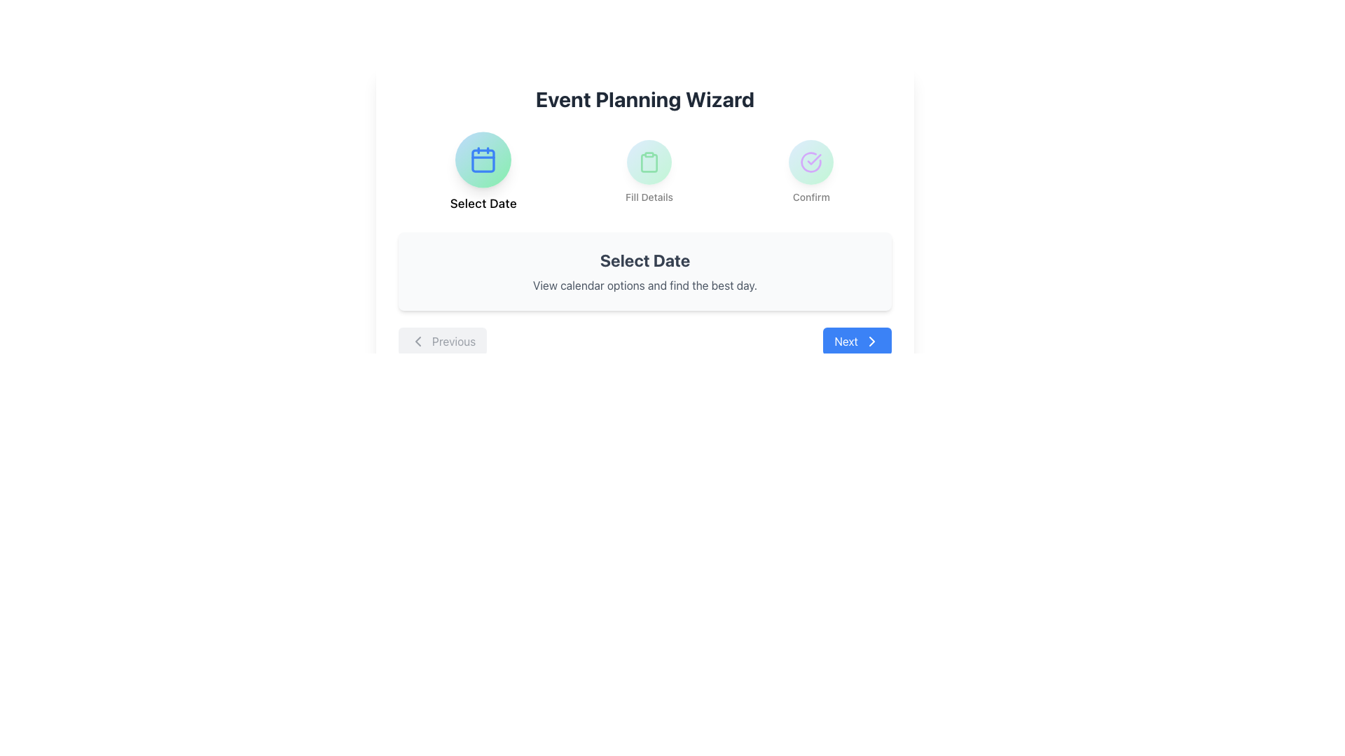  Describe the element at coordinates (811, 171) in the screenshot. I see `the third circular button, located` at that location.